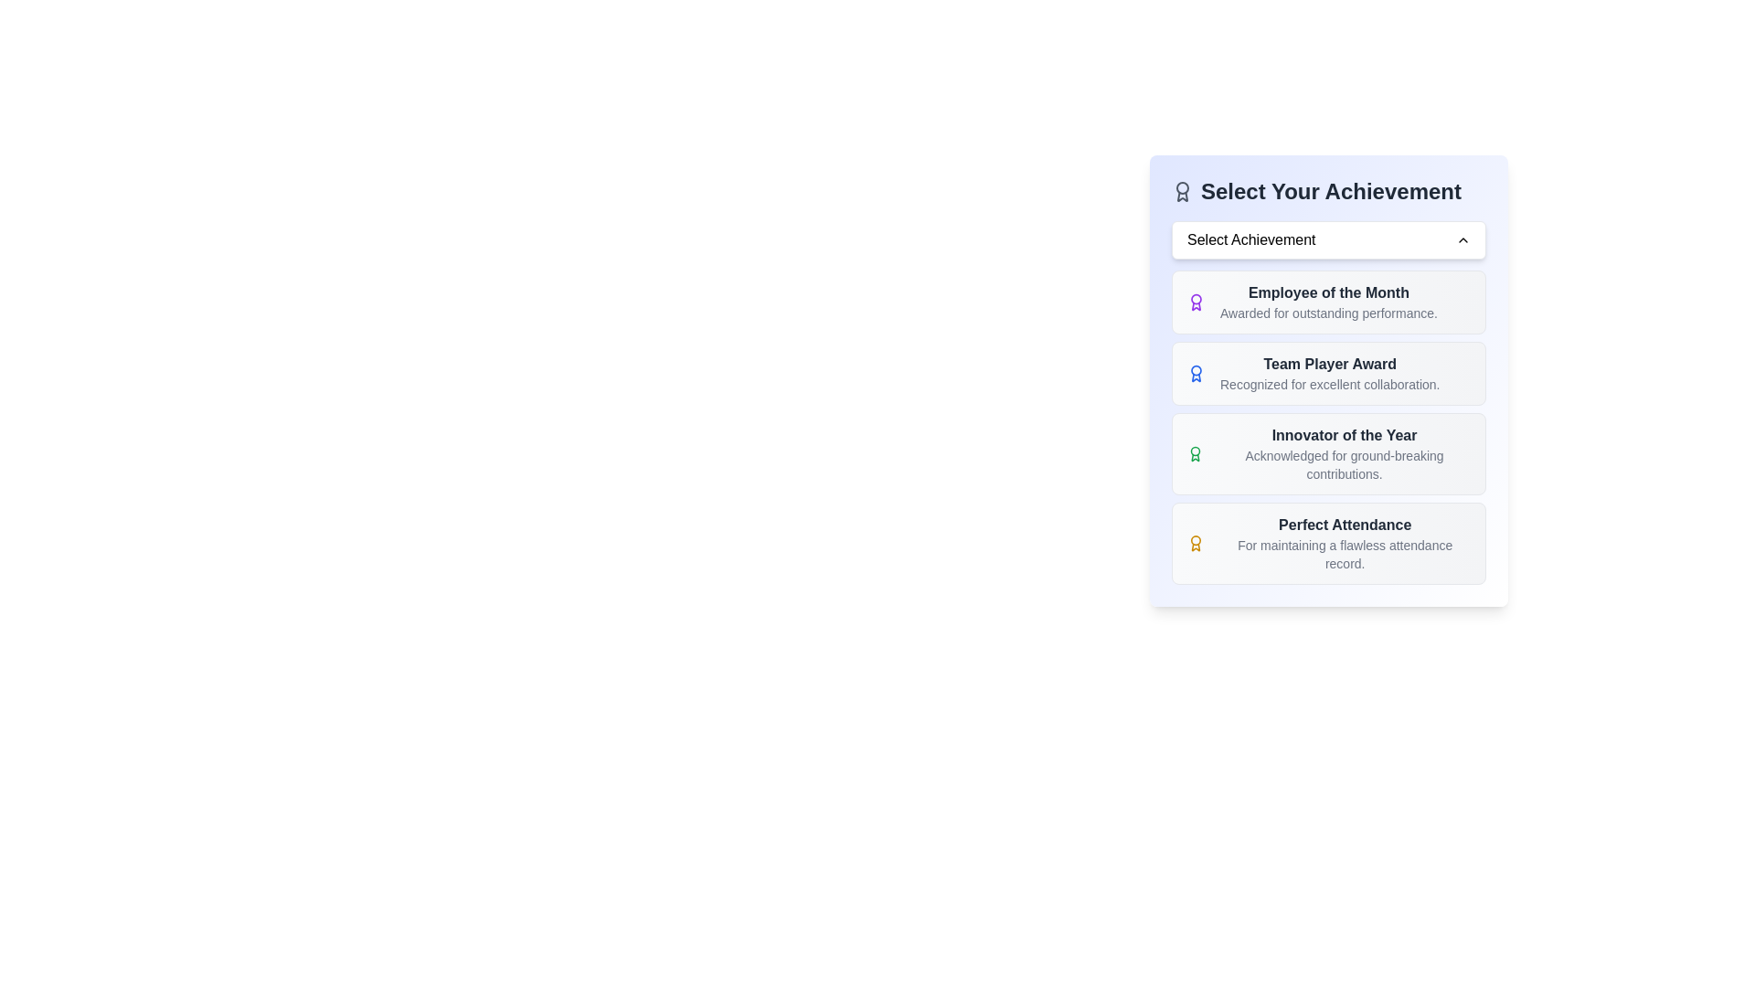 The width and height of the screenshot is (1755, 987). I want to click on the 'Employee of the Month' text display, which features bold, large text and is the first item in the list under 'Select Your Achievement', so click(1329, 302).